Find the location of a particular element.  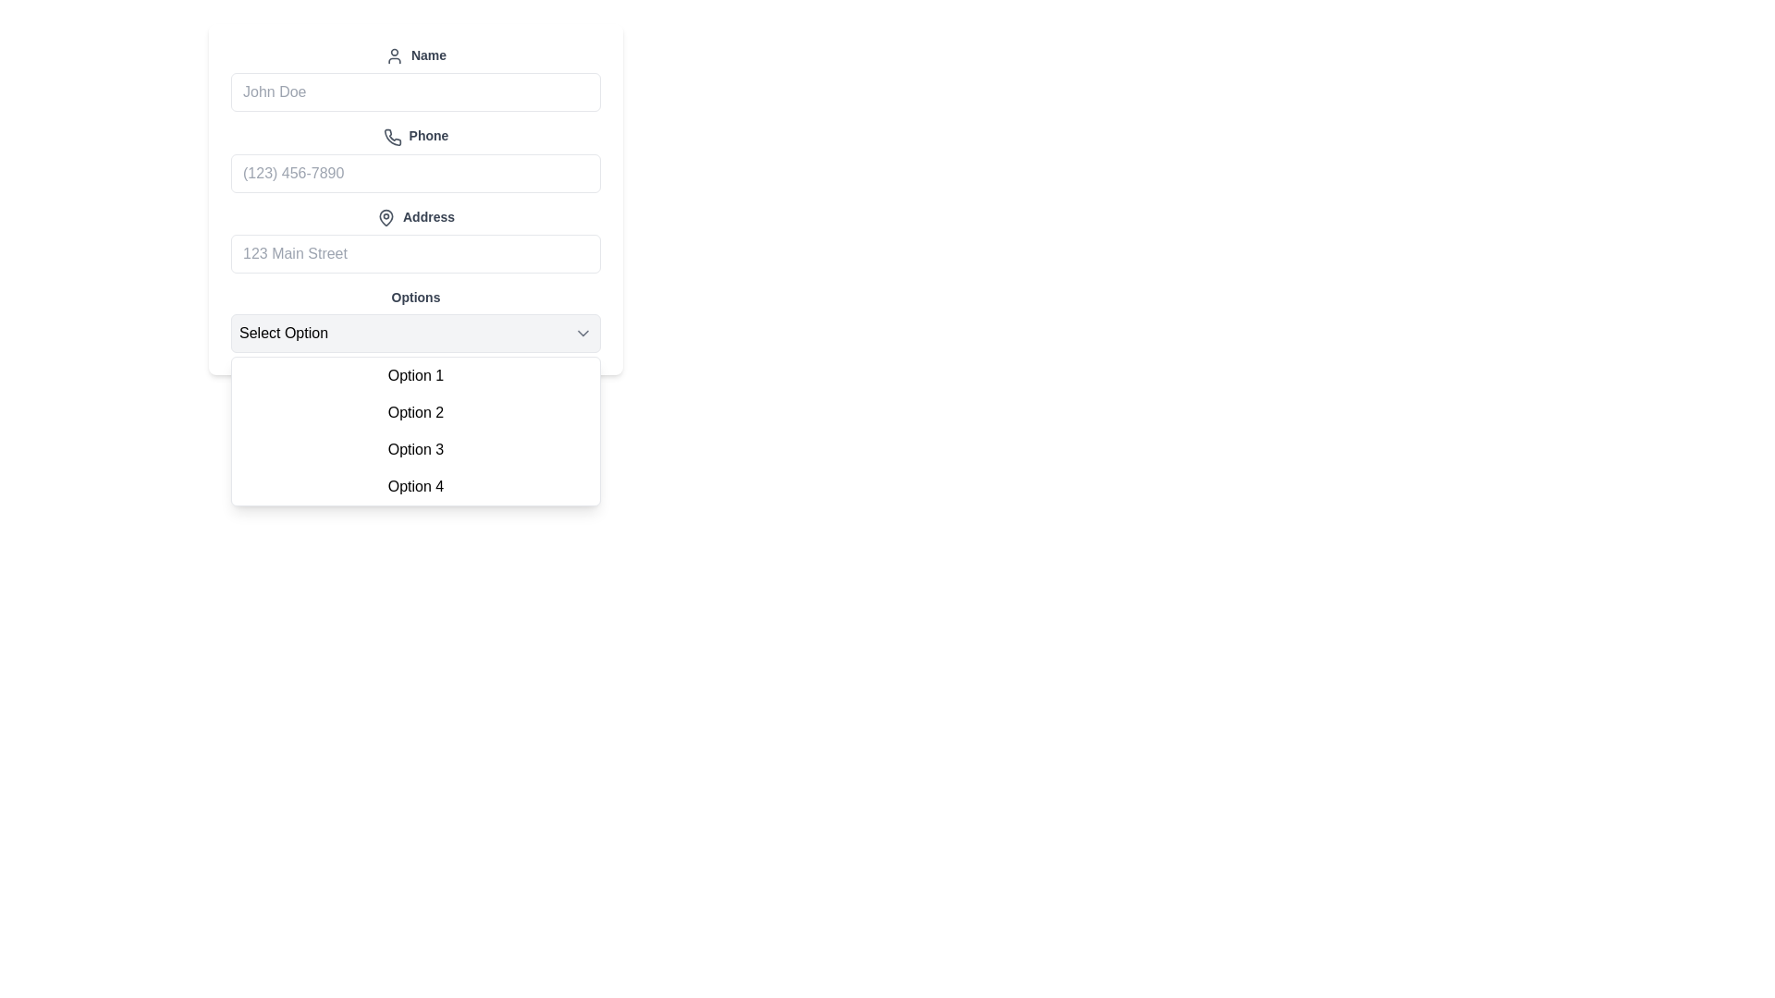

the Label element that serves as a description for the dropdown menu labeled 'Select Option', located above the dropdown within the form is located at coordinates (415, 295).